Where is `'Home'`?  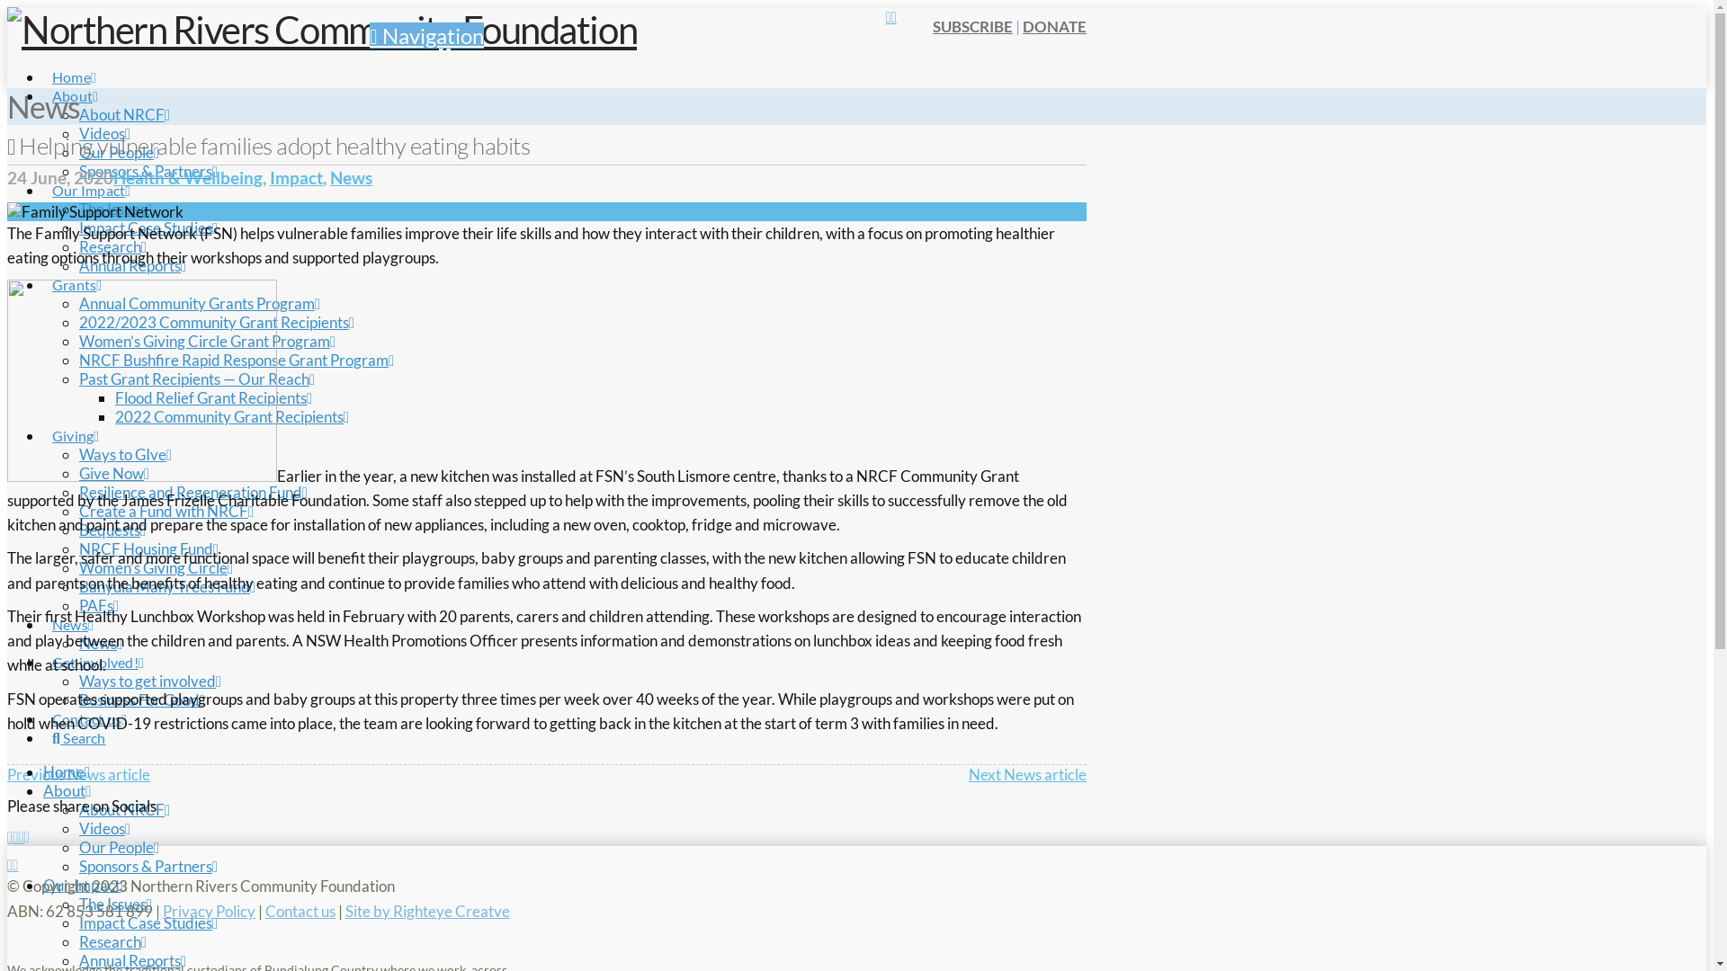
'Home' is located at coordinates (66, 771).